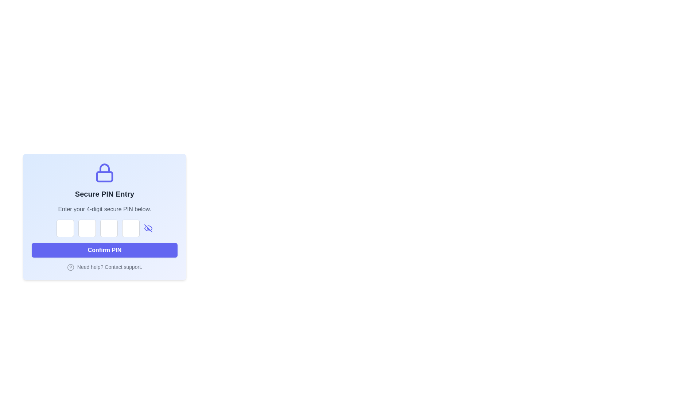 Image resolution: width=700 pixels, height=394 pixels. What do you see at coordinates (70, 267) in the screenshot?
I see `the circular help icon resembling a question mark located below the 'Confirm PIN' button, aligned with the text 'Need help? Contact support.'` at bounding box center [70, 267].